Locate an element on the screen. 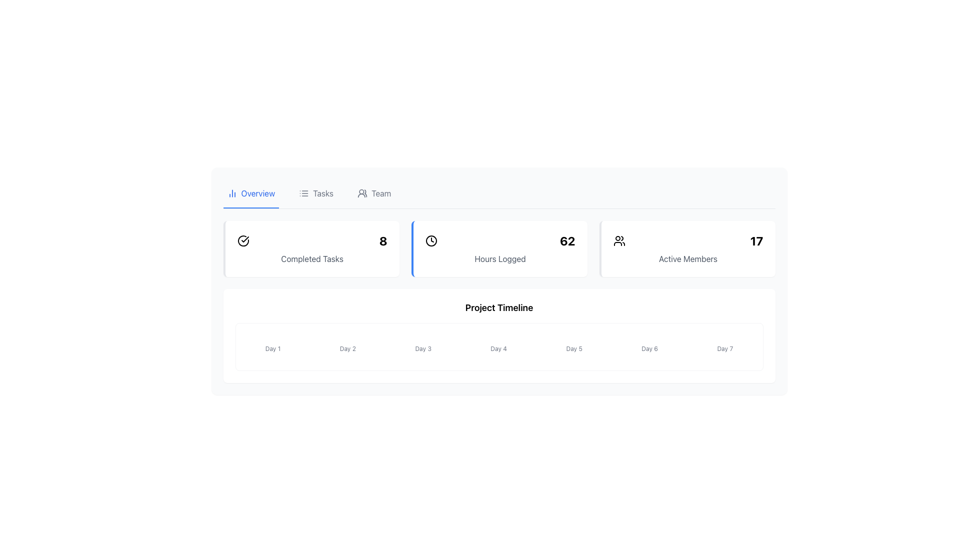 The image size is (960, 540). the 'Completed Tasks' label, which is styled with gray color and smaller font size, located at the bottom of a card component beneath the large number '8' is located at coordinates (311, 258).